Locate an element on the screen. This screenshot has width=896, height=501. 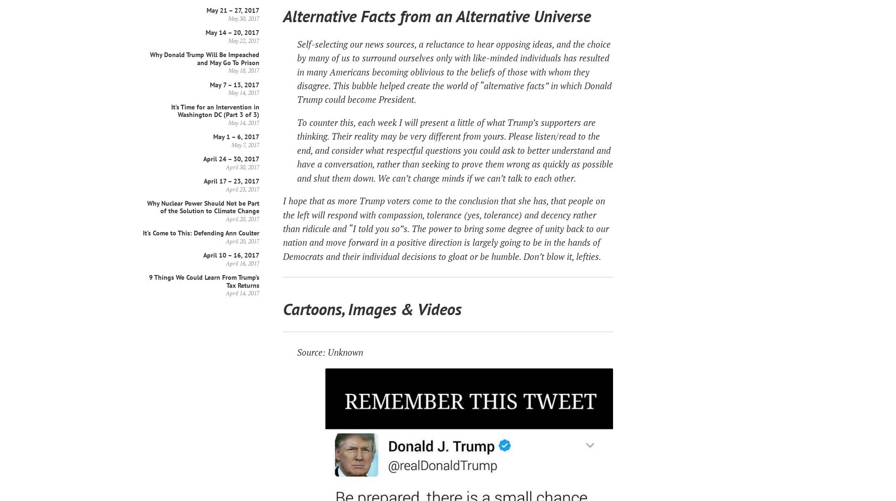
'May 21 – 27, 2017' is located at coordinates (206, 10).